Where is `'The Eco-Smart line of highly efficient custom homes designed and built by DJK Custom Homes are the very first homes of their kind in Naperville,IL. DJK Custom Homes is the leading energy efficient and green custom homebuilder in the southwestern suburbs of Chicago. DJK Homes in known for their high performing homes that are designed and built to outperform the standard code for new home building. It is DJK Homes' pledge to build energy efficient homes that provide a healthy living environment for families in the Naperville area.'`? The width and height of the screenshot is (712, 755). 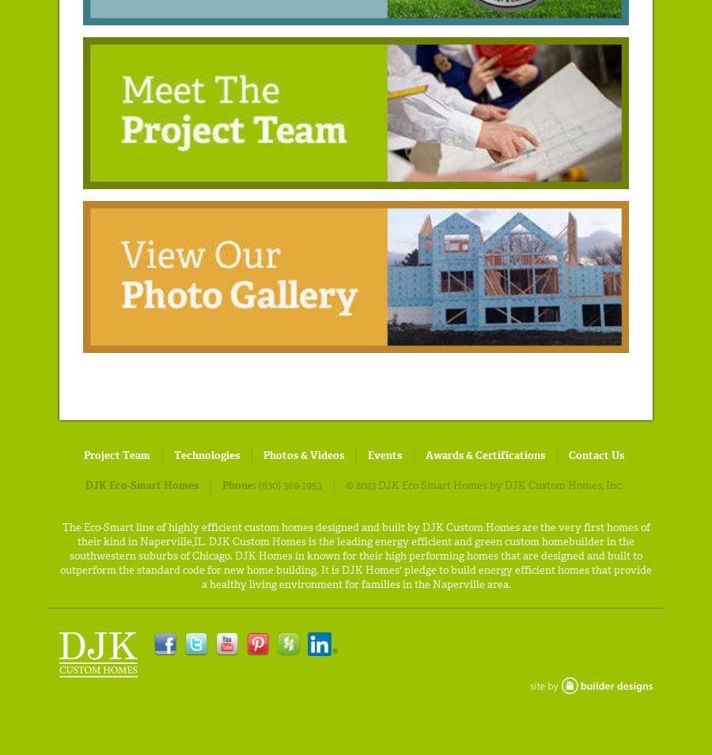 'The Eco-Smart line of highly efficient custom homes designed and built by DJK Custom Homes are the very first homes of their kind in Naperville,IL. DJK Custom Homes is the leading energy efficient and green custom homebuilder in the southwestern suburbs of Chicago. DJK Homes in known for their high performing homes that are designed and built to outperform the standard code for new home building. It is DJK Homes' pledge to build energy efficient homes that provide a healthy living environment for families in the Naperville area.' is located at coordinates (356, 555).